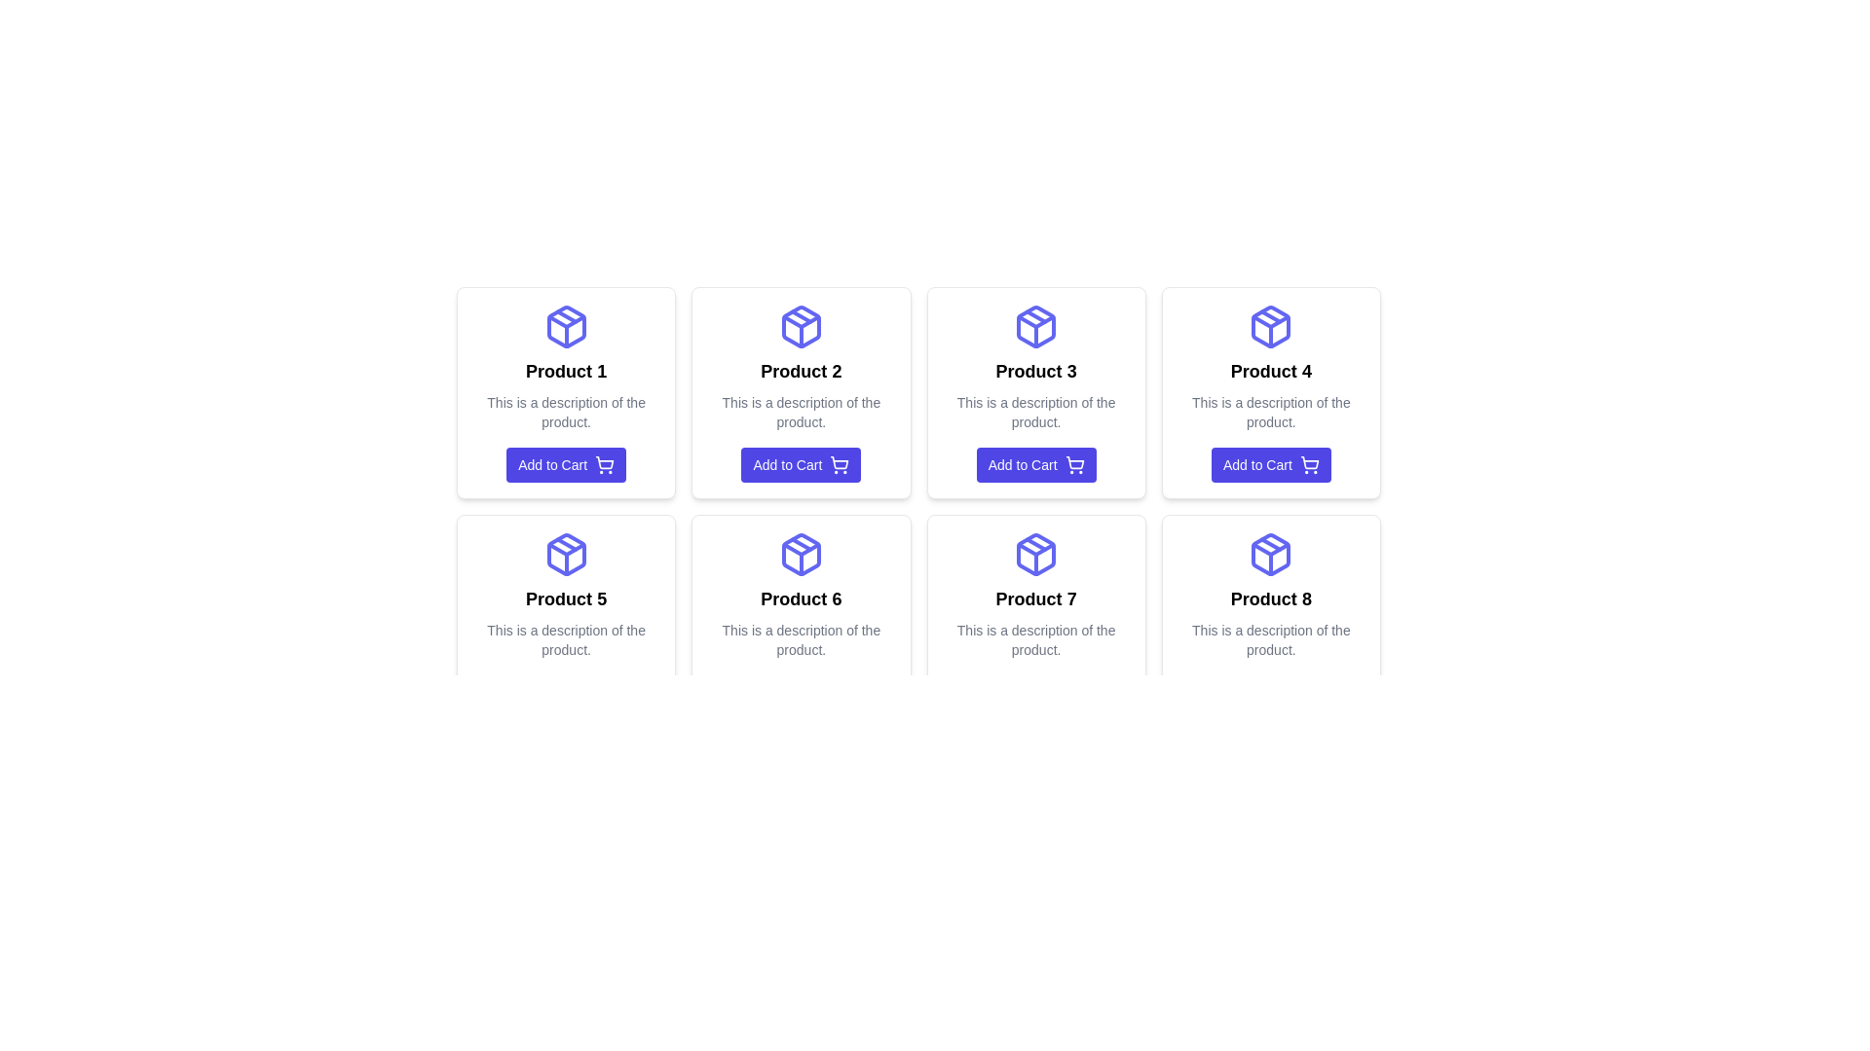  I want to click on the product package icon representing 'Product 7', located, so click(1035, 555).